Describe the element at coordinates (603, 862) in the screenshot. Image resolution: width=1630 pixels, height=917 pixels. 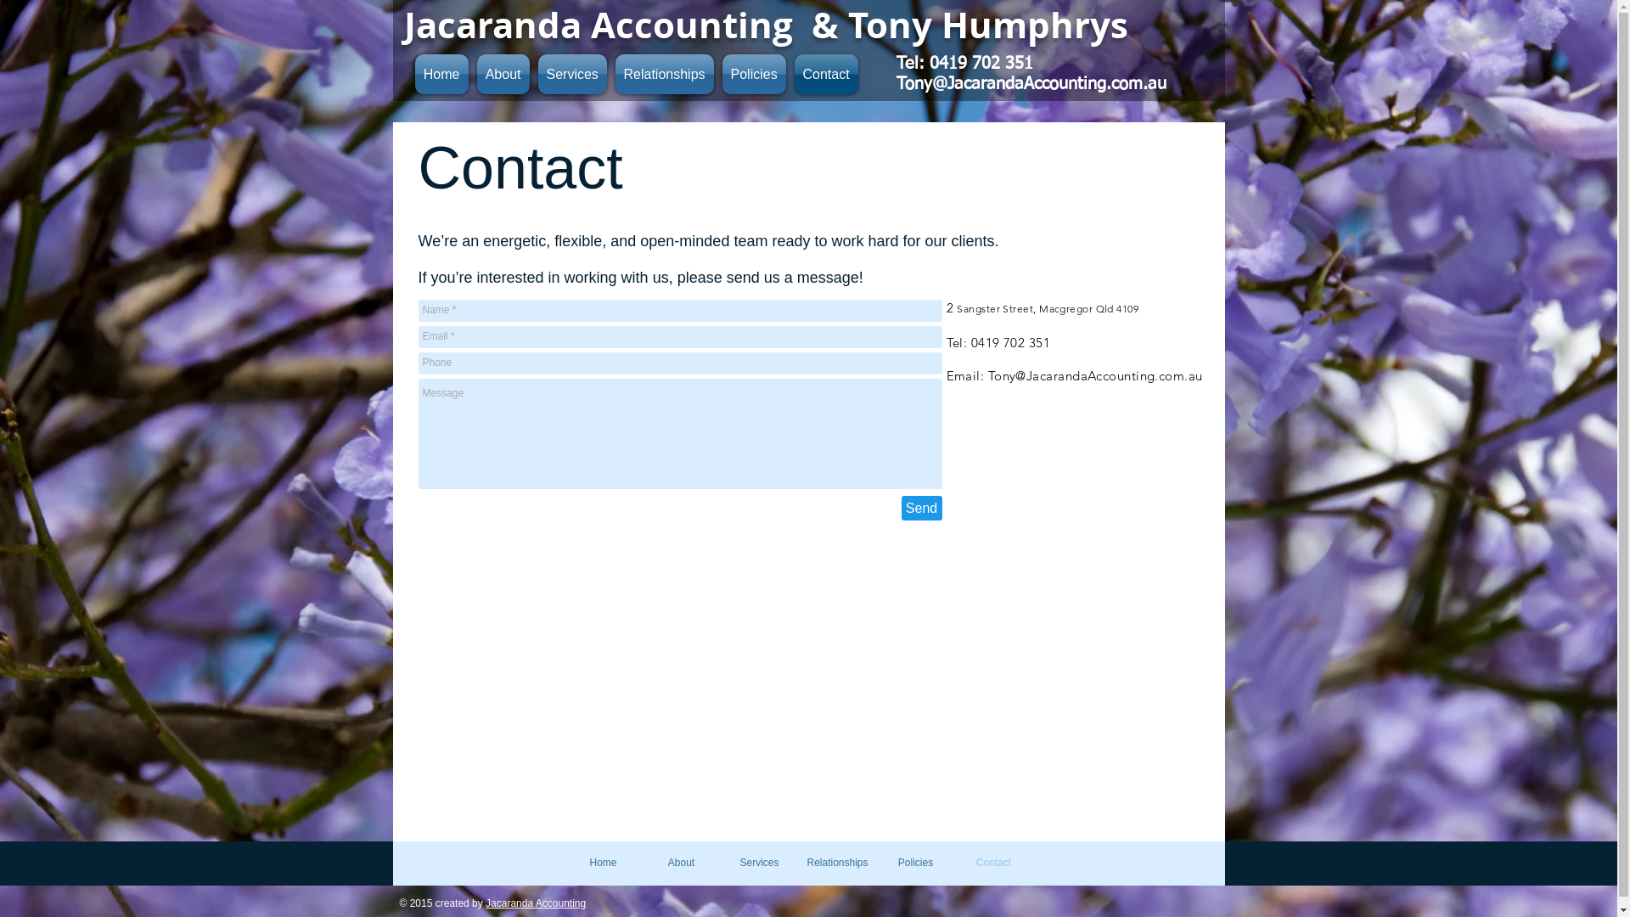
I see `'Home'` at that location.